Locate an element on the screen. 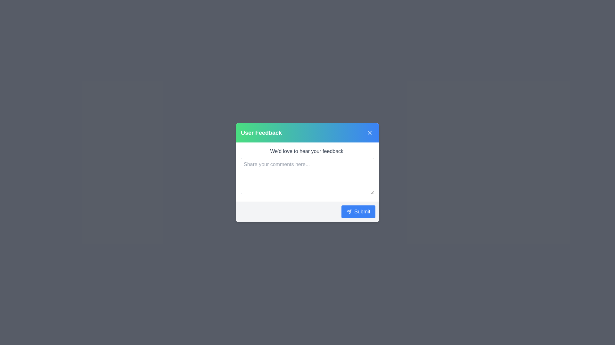 The height and width of the screenshot is (345, 615). the Text label that titles the user feedback dialog, located on the left side of the modal header before the close button is located at coordinates (261, 132).